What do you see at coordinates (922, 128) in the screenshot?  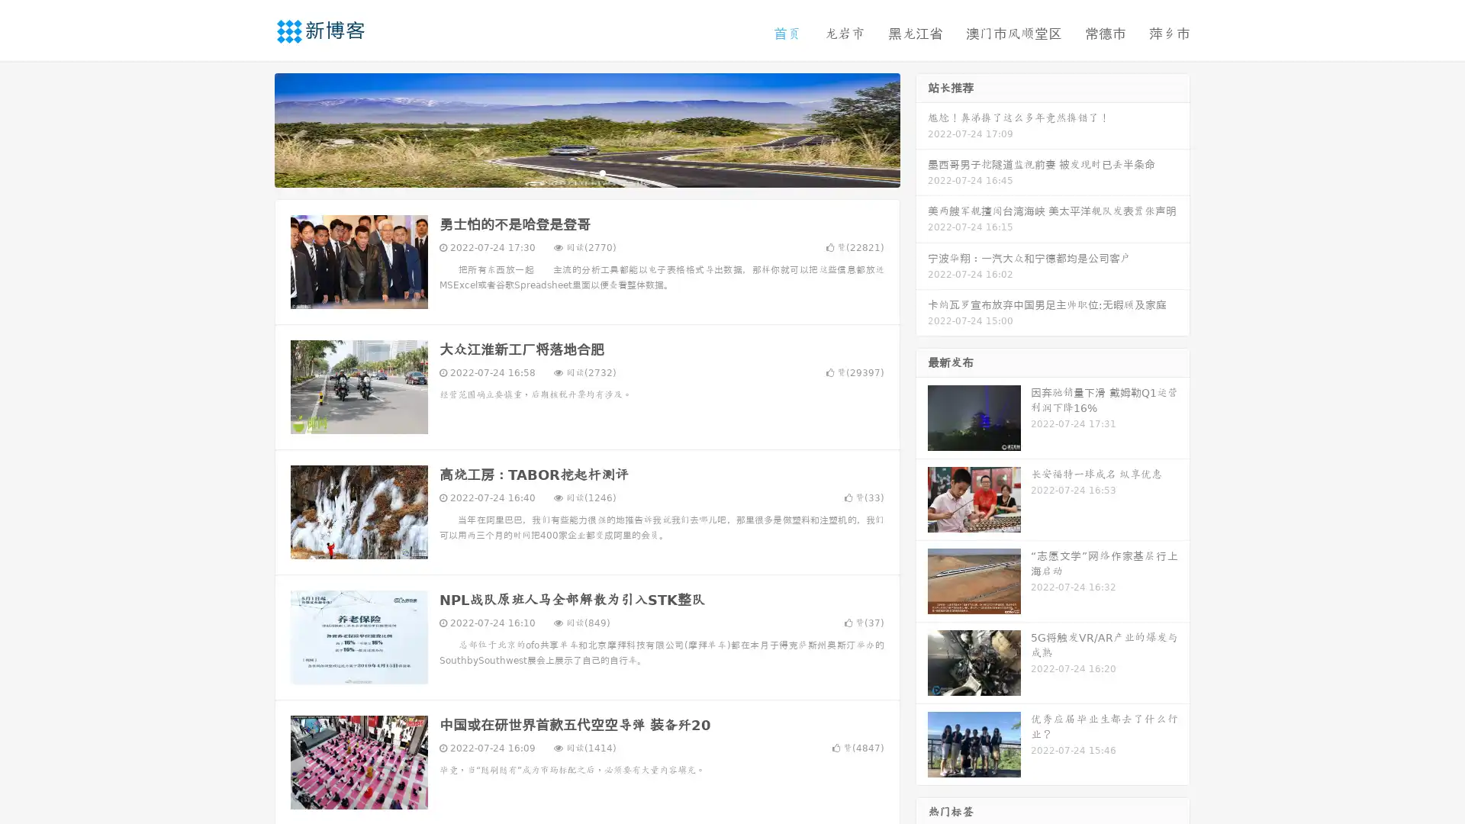 I see `Next slide` at bounding box center [922, 128].